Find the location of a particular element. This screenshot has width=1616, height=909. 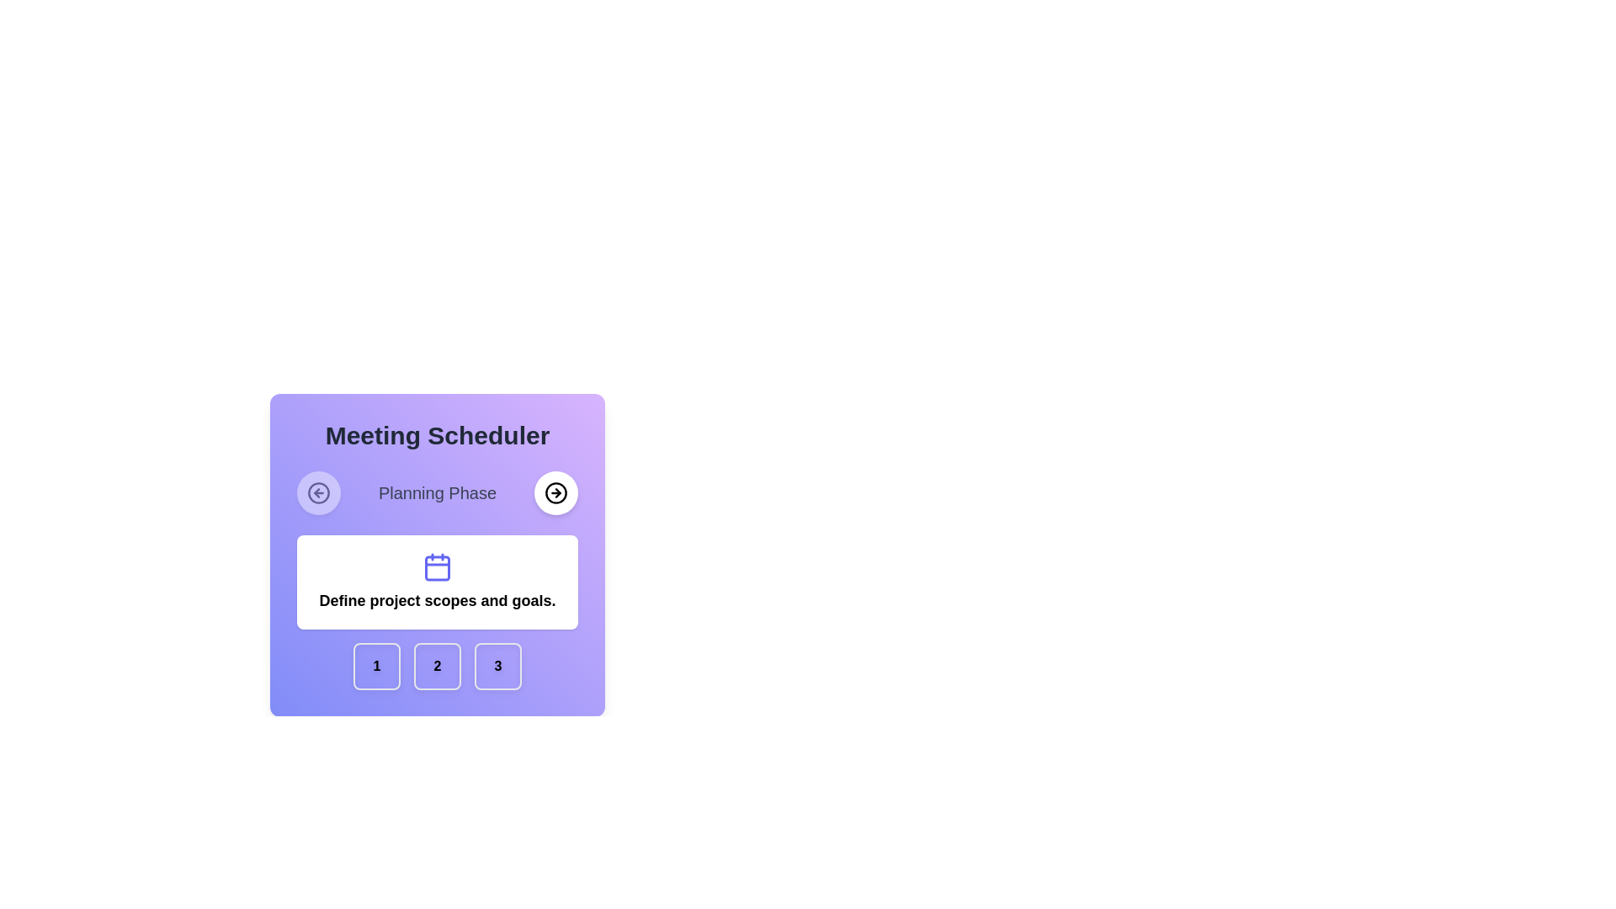

the bottom part of the circular icon located to the left side of the top row, adjacent to the text label within the purple gradient panel labeled 'Meeting Scheduler.' is located at coordinates (316, 492).